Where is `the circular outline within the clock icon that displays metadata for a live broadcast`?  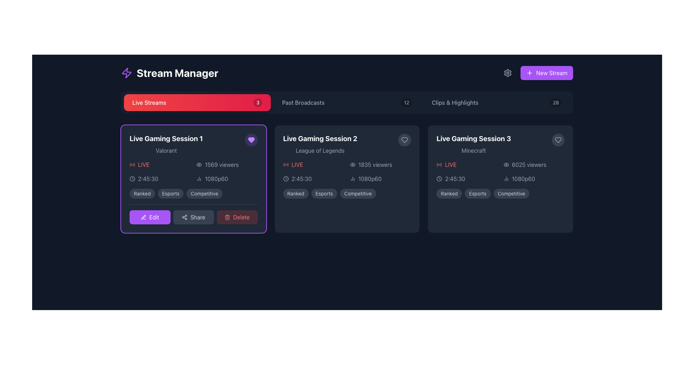
the circular outline within the clock icon that displays metadata for a live broadcast is located at coordinates (439, 178).